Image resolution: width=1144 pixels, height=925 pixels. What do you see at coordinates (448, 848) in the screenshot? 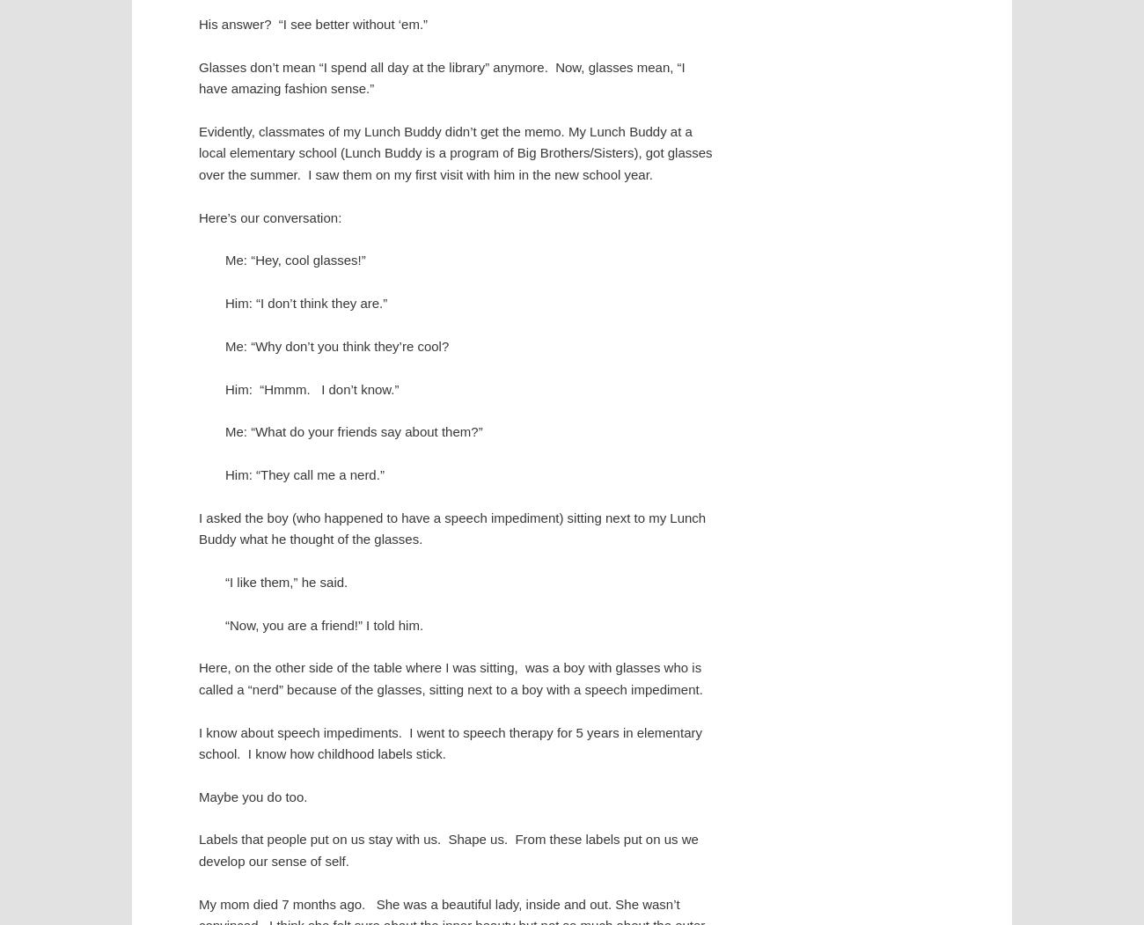
I see `'Labels that people put on us stay with us.  Shape us.  From these labels put on us we develop our sense of self.'` at bounding box center [448, 848].